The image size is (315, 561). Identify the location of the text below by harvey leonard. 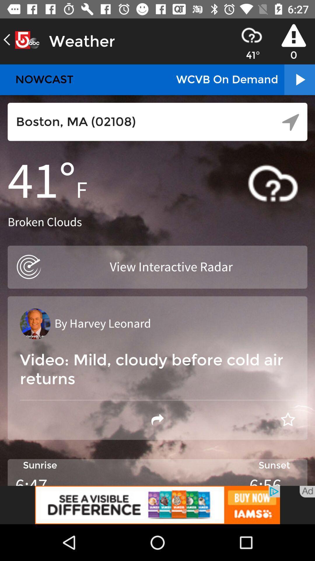
(157, 369).